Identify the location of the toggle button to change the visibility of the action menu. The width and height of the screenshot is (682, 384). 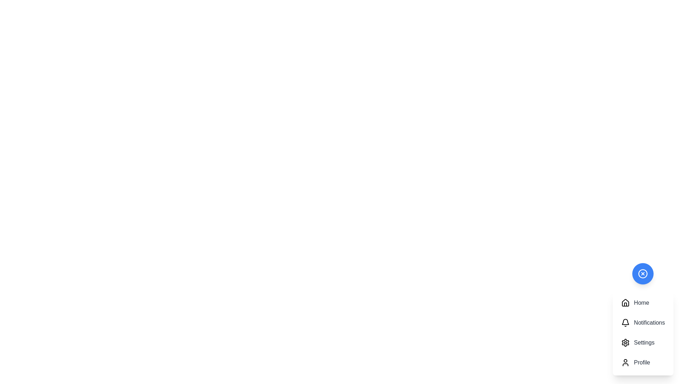
(643, 273).